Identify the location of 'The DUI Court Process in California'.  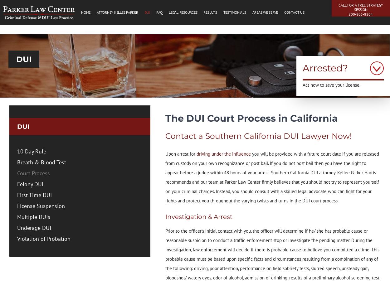
(251, 118).